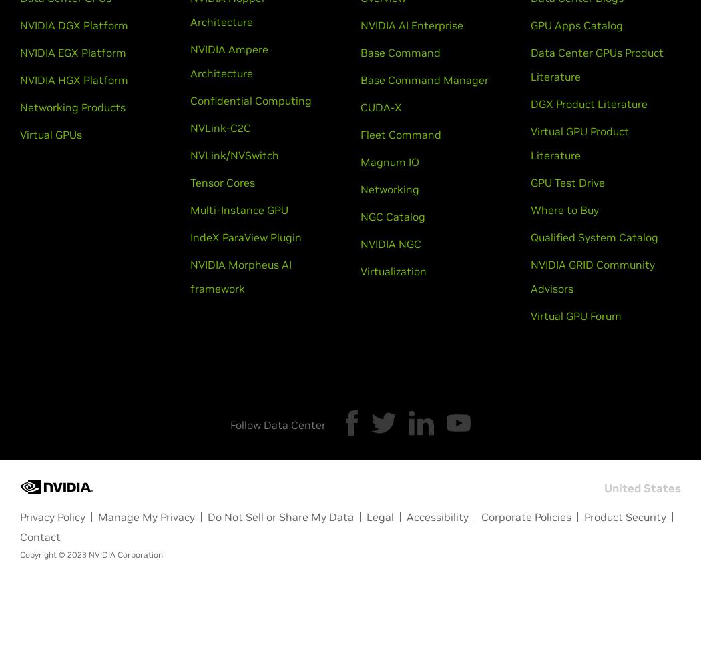 The width and height of the screenshot is (701, 651). I want to click on 'Networking', so click(361, 189).